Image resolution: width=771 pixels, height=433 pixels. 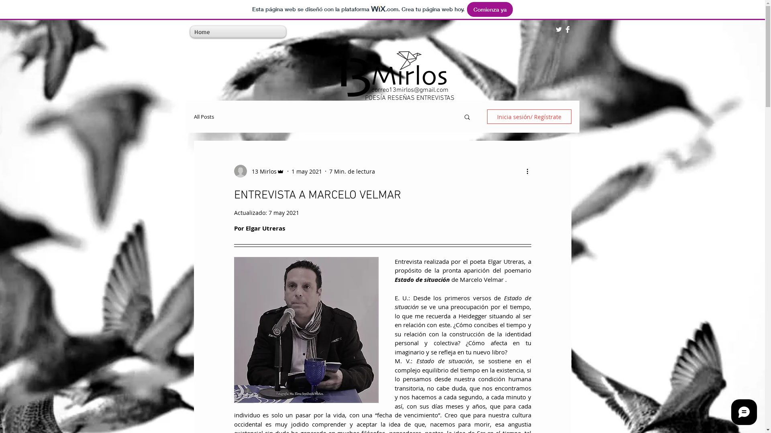 I want to click on 'Home', so click(x=202, y=31).